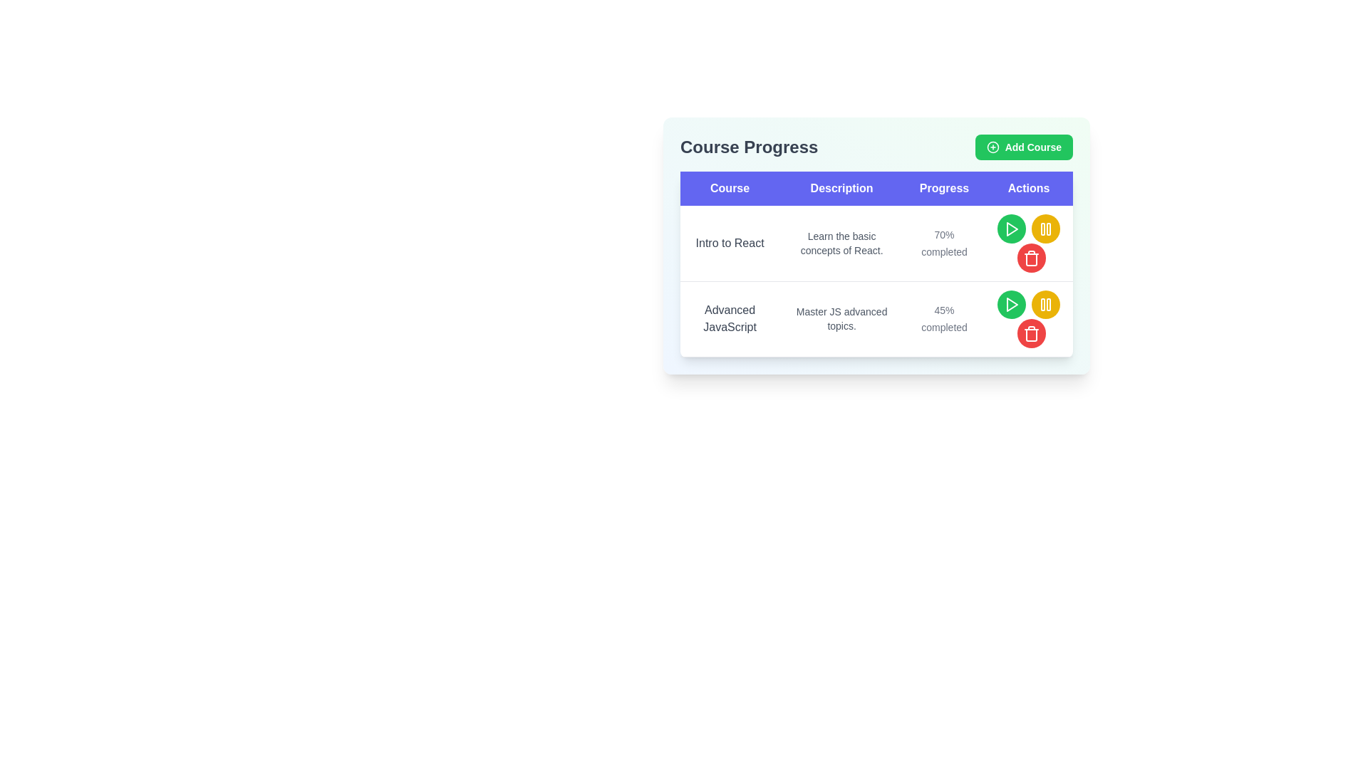 The height and width of the screenshot is (769, 1368). What do you see at coordinates (944, 318) in the screenshot?
I see `the text display that indicates the progress status for the 'Advanced JavaScript' course, located under the 'Progress' column to the right of 'Master JS advanced topics.'` at bounding box center [944, 318].